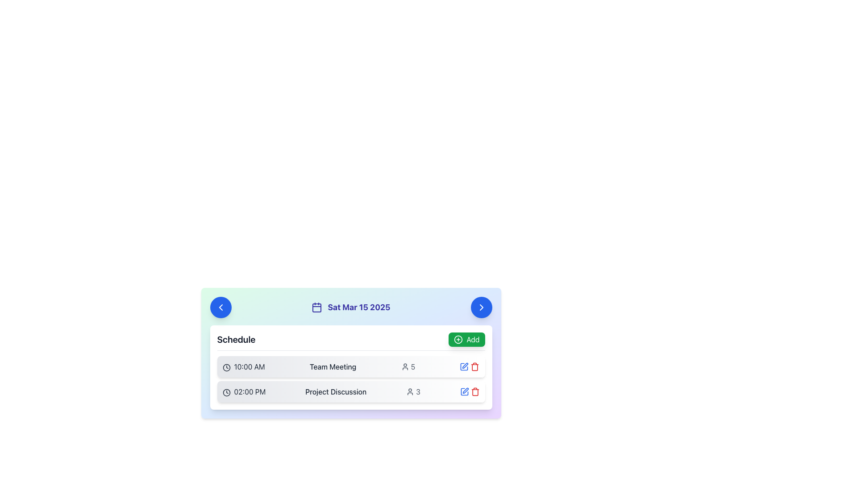 This screenshot has height=482, width=857. What do you see at coordinates (220, 307) in the screenshot?
I see `the button located to the left of the date 'Sat Mar 15 2025' in the header section` at bounding box center [220, 307].